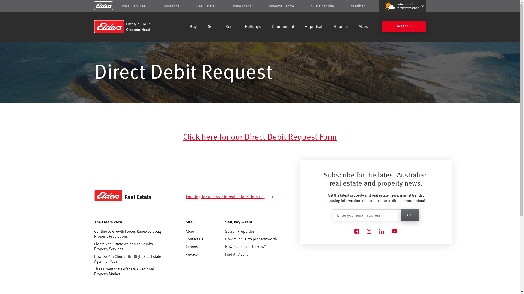  What do you see at coordinates (186, 197) in the screenshot?
I see `'Looking for a career in real estate? Join us'` at bounding box center [186, 197].